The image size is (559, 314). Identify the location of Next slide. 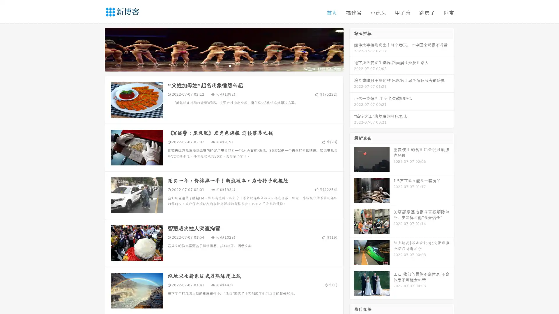
(352, 49).